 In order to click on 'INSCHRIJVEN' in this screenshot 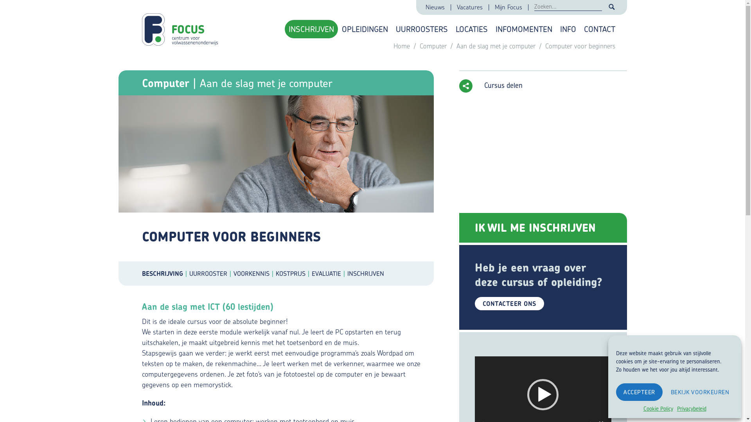, I will do `click(311, 29)`.